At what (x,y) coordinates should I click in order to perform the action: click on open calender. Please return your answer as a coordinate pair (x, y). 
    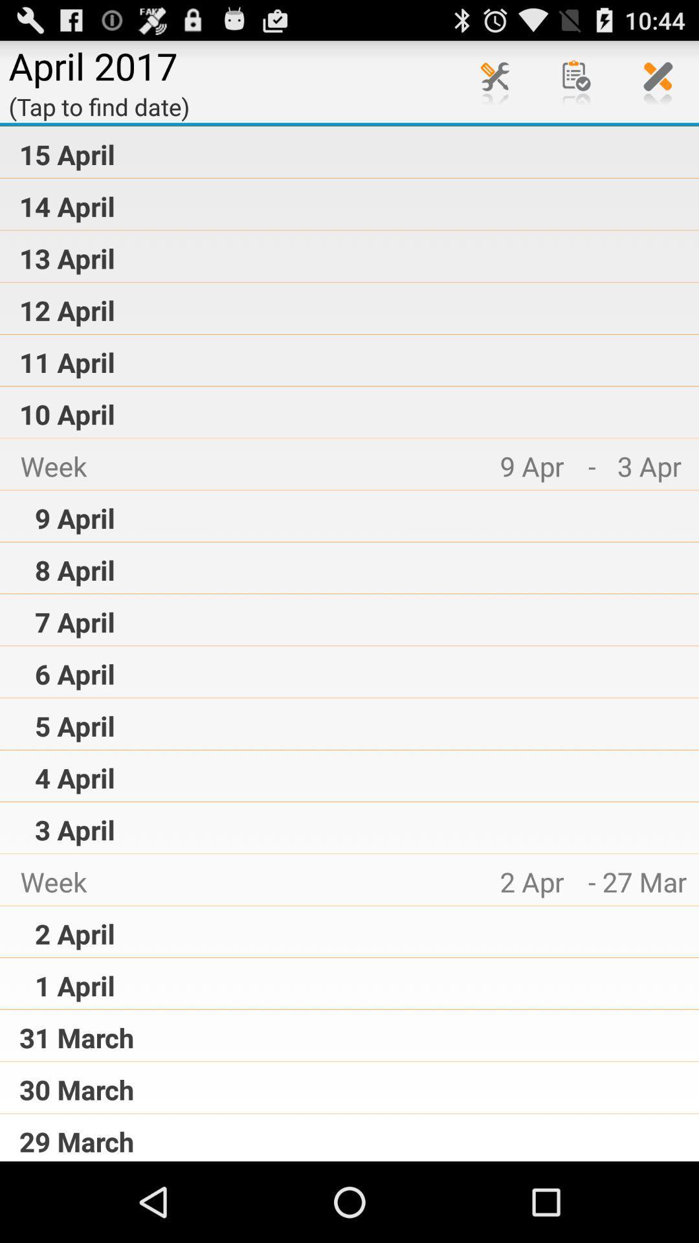
    Looking at the image, I should click on (576, 80).